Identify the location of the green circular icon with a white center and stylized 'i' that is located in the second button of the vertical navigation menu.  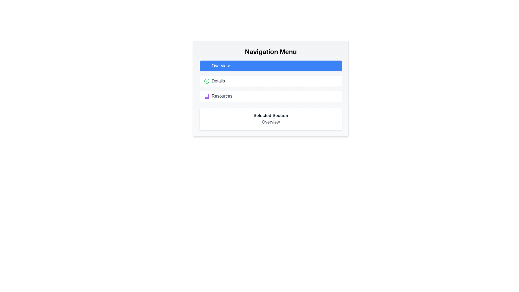
(206, 81).